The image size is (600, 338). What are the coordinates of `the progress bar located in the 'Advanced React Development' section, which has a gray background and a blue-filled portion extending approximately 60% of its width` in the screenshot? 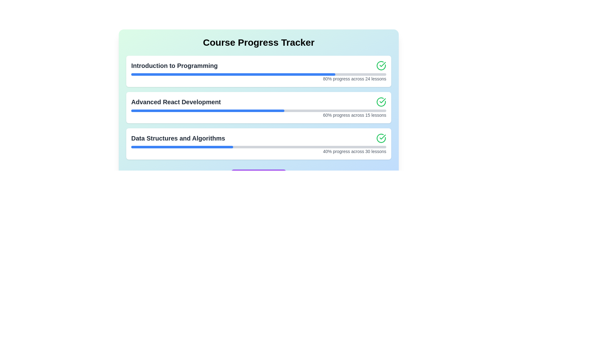 It's located at (259, 110).